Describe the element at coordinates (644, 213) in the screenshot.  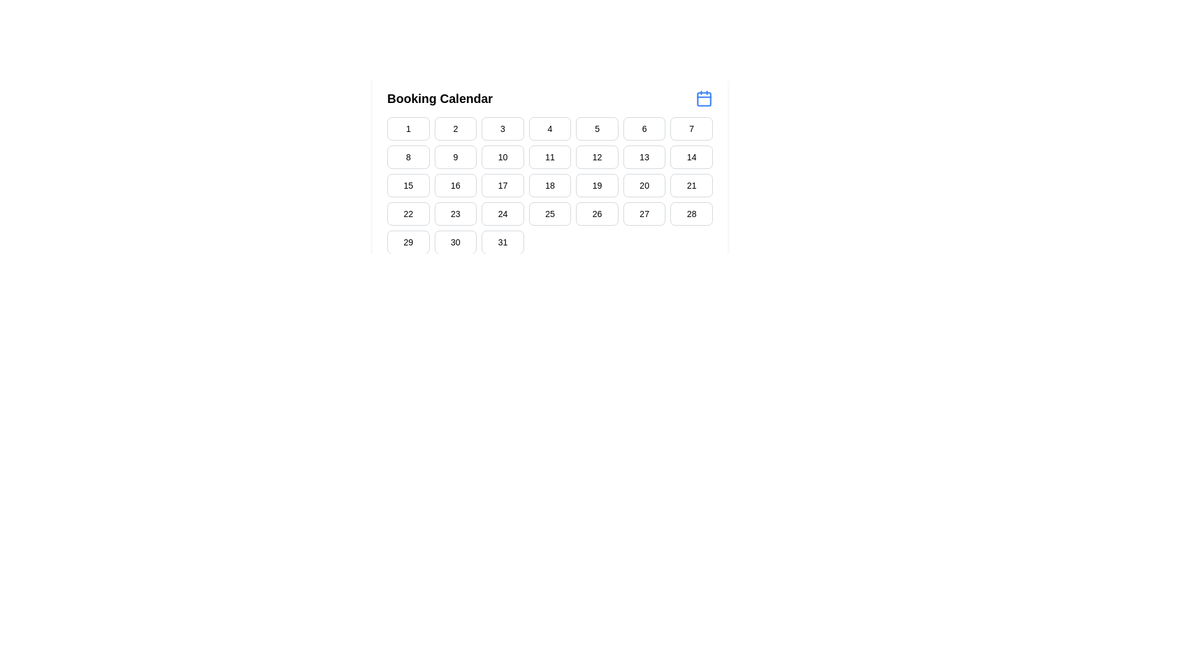
I see `the button labeled '27' in the calendar interface` at that location.